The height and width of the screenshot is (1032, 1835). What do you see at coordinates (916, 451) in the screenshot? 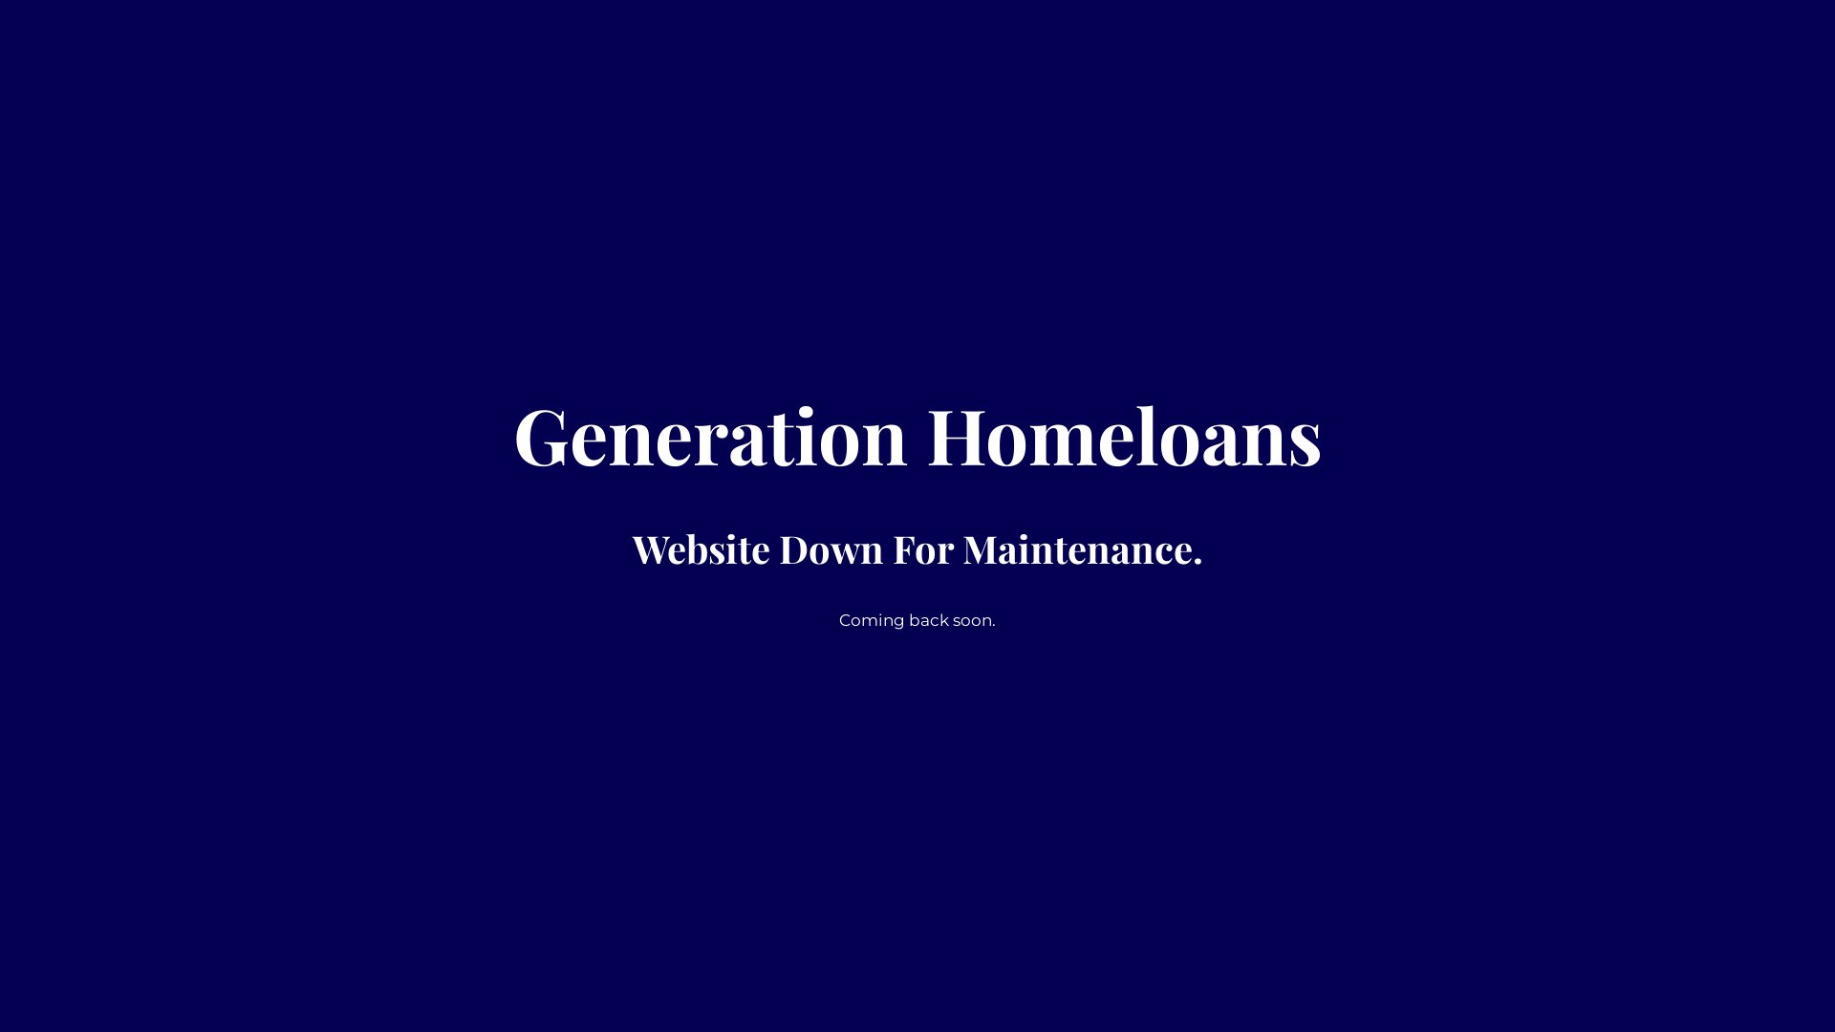
I see `'Generation Homeloans'` at bounding box center [916, 451].